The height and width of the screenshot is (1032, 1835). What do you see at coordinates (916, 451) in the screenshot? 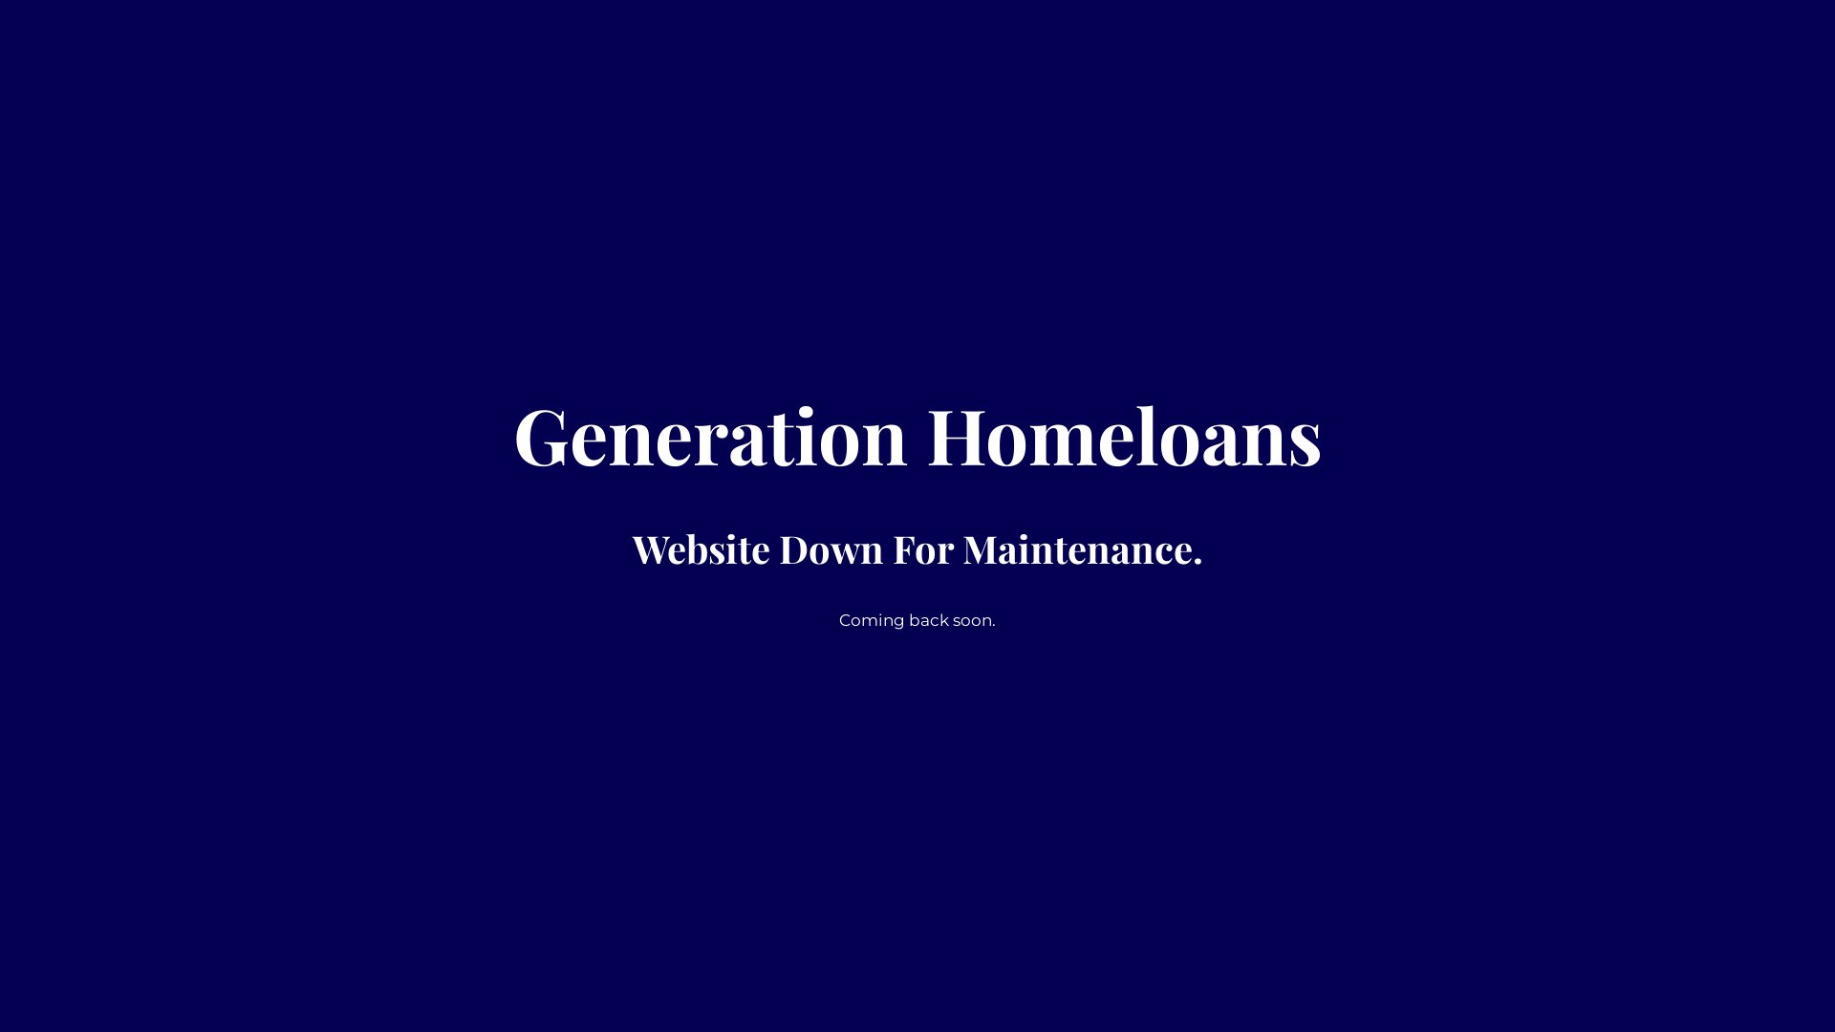
I see `'Generation Homeloans'` at bounding box center [916, 451].